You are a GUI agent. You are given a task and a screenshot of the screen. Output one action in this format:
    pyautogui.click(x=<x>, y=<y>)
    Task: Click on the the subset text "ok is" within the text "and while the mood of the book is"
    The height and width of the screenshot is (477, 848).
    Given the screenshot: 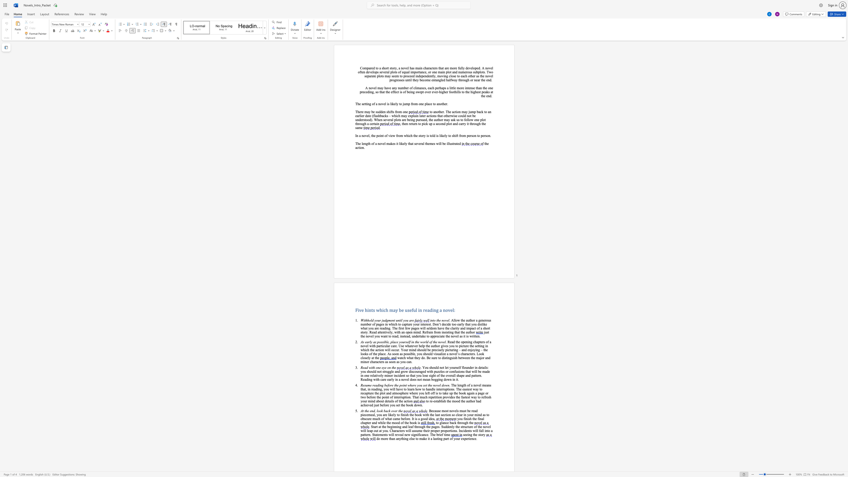 What is the action you would take?
    pyautogui.click(x=413, y=422)
    